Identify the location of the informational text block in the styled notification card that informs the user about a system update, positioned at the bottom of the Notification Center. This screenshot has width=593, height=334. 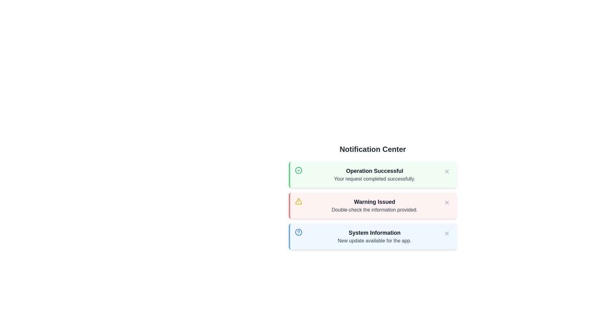
(374, 236).